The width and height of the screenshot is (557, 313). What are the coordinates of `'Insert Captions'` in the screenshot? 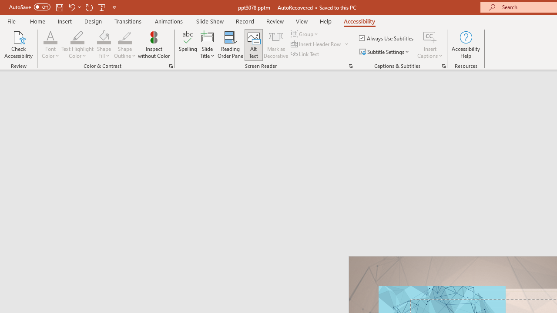 It's located at (430, 37).